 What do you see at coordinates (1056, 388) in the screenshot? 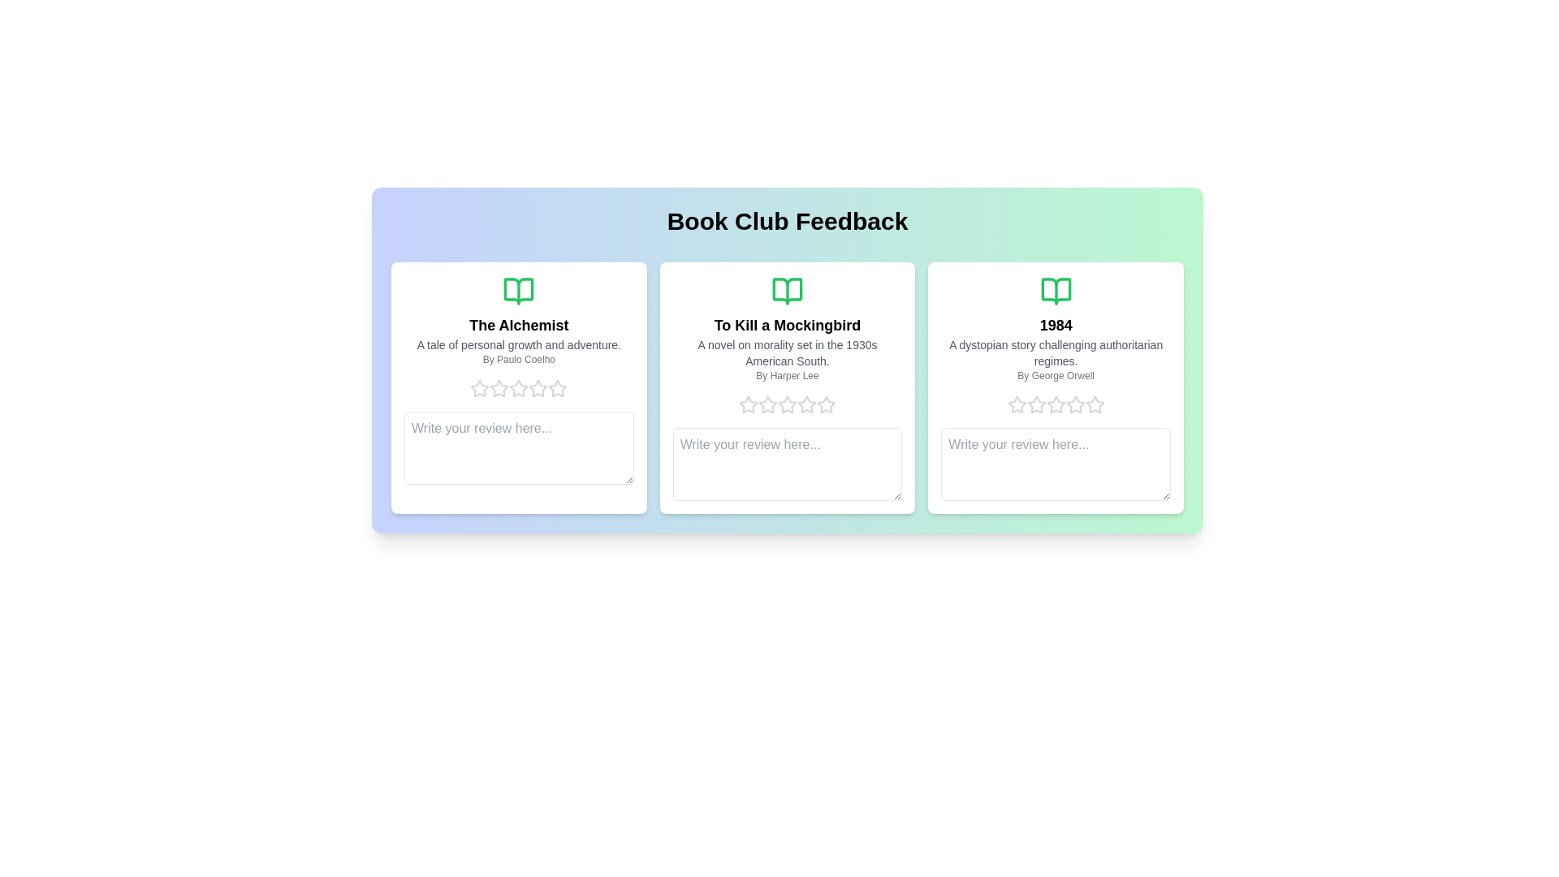
I see `the card component displaying the title '1984', which features a white background, rounded corners, and includes a green book icon at the top` at bounding box center [1056, 388].